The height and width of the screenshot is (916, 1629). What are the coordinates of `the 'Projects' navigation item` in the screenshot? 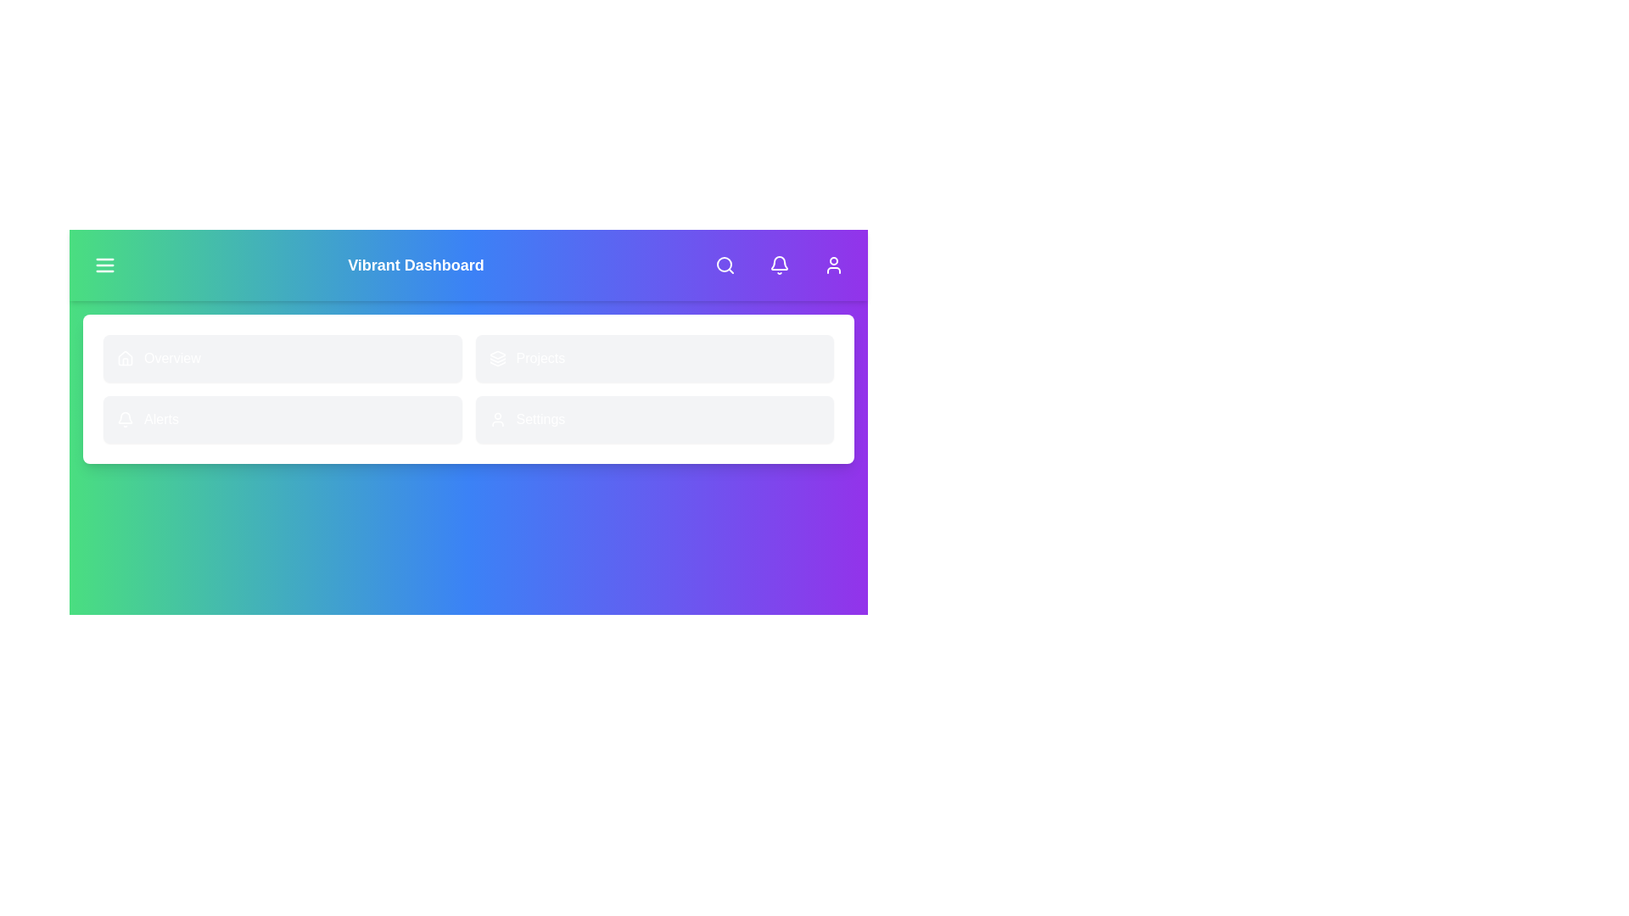 It's located at (653, 358).